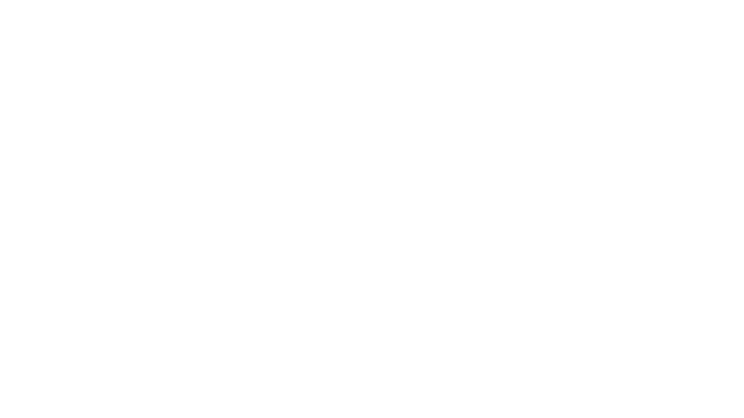 The height and width of the screenshot is (418, 744). What do you see at coordinates (201, 89) in the screenshot?
I see `Add` at bounding box center [201, 89].